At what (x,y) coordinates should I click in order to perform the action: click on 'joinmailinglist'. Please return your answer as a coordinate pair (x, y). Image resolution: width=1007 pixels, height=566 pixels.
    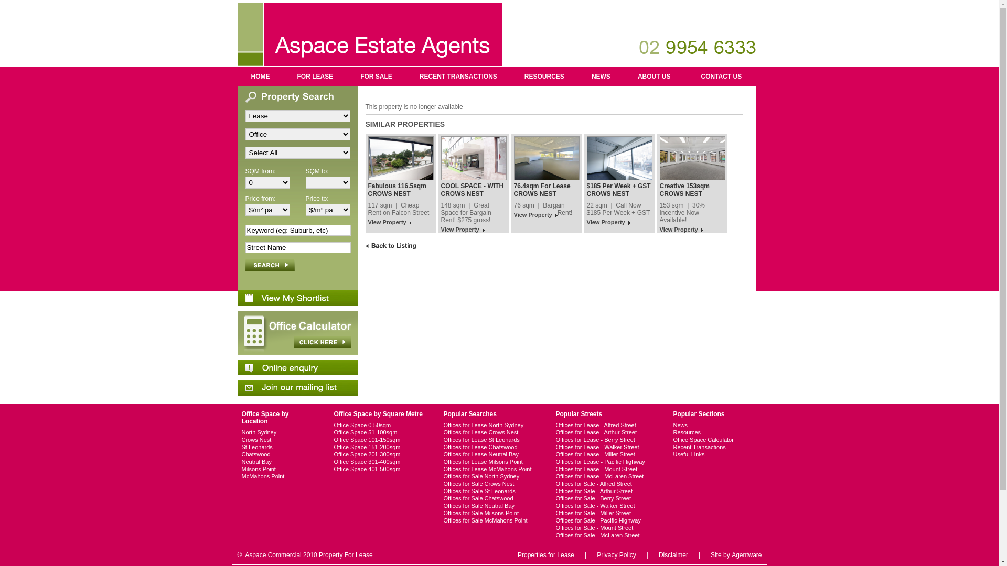
    Looking at the image, I should click on (236, 388).